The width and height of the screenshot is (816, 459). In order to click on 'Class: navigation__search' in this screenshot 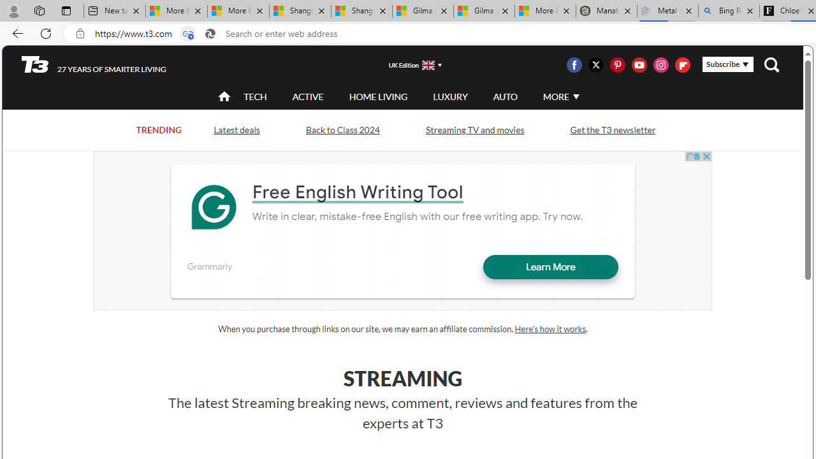, I will do `click(771, 64)`.